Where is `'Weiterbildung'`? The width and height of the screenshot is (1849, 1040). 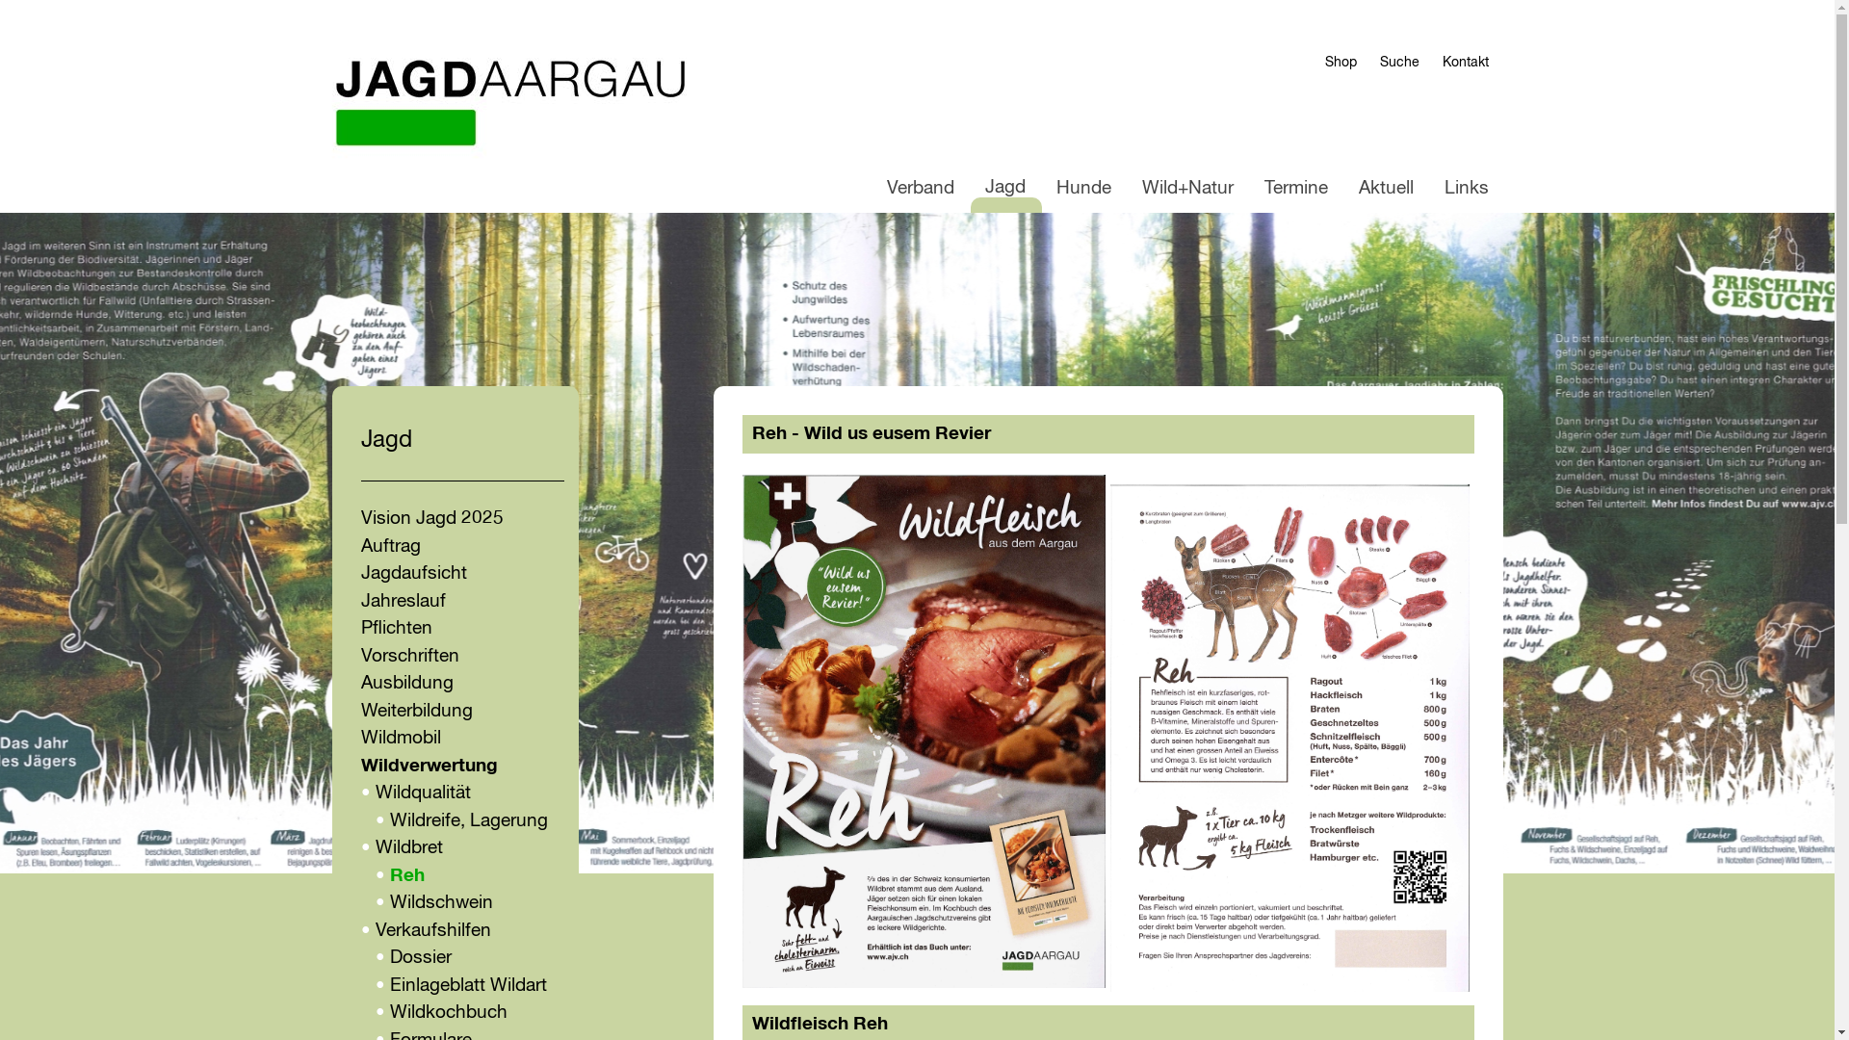
'Weiterbildung' is located at coordinates (415, 711).